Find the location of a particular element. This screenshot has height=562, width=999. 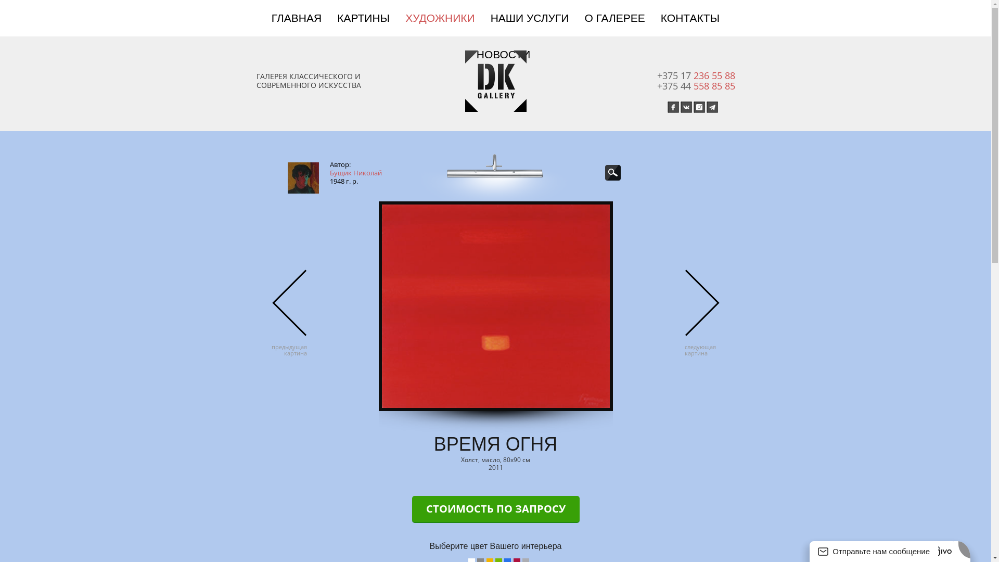

'+375 17 236 55 88' is located at coordinates (656, 75).